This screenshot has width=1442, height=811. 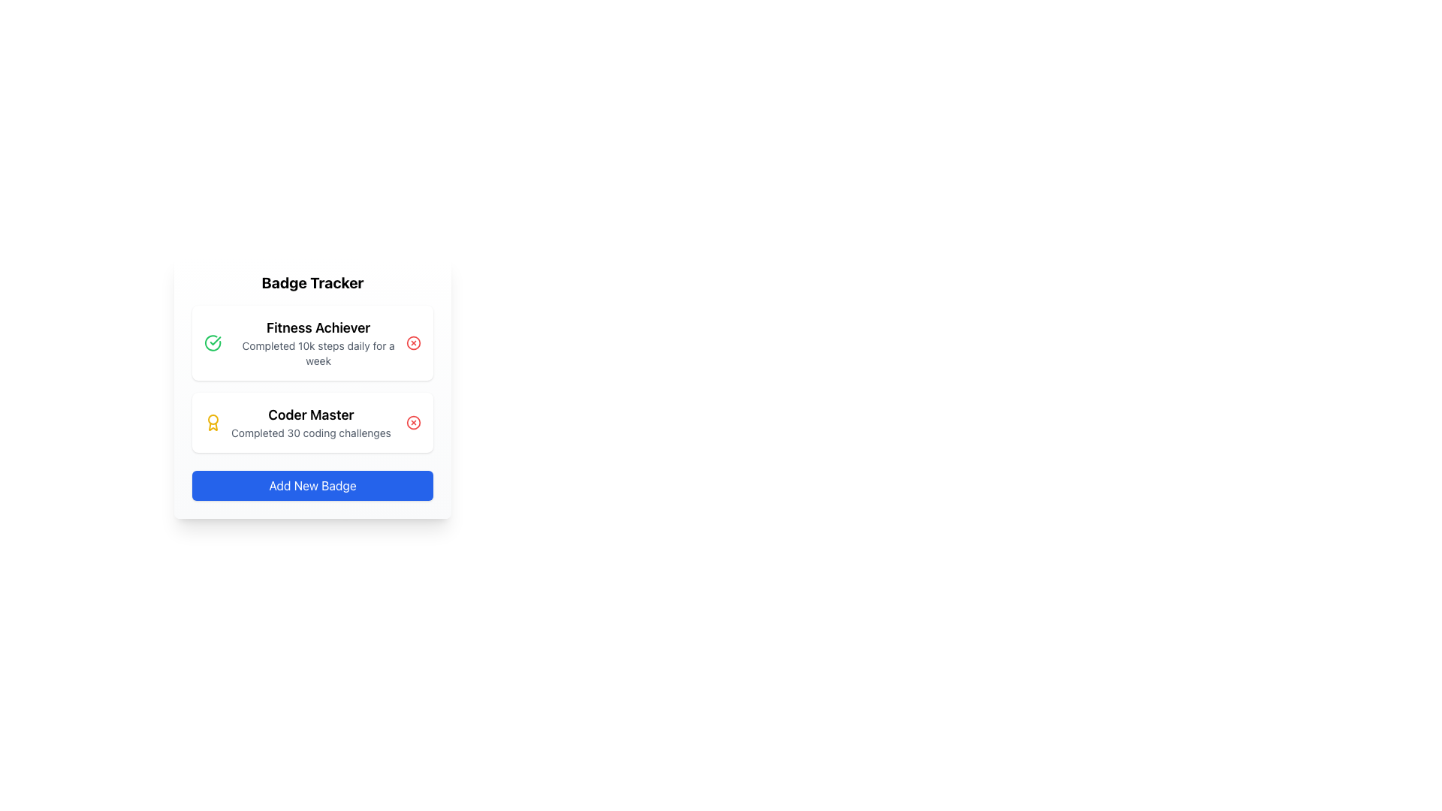 I want to click on the small bright yellow medal icon with a ribbon design located to the left of the 'Coder Master\nCompleted 30 coding challenges' text, so click(x=212, y=423).